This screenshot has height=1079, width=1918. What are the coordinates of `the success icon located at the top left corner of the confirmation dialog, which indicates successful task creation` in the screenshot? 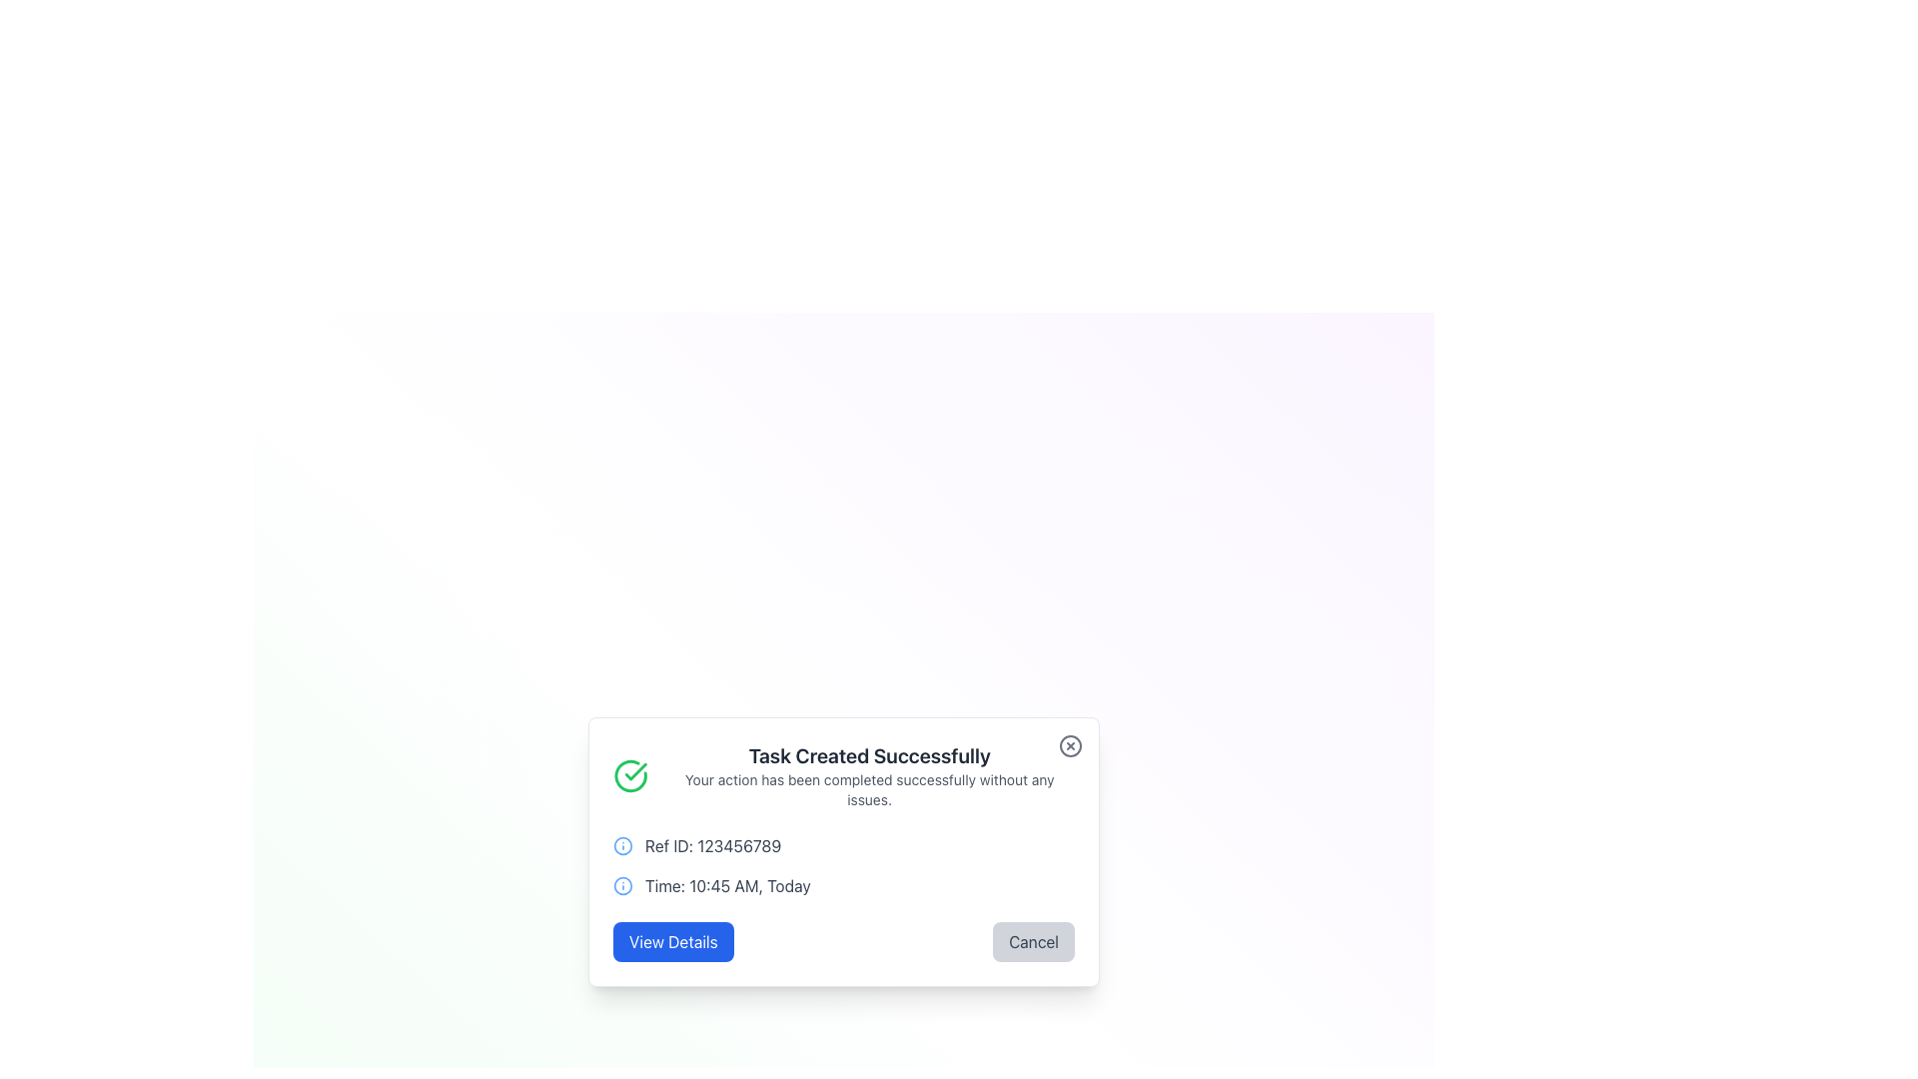 It's located at (634, 770).